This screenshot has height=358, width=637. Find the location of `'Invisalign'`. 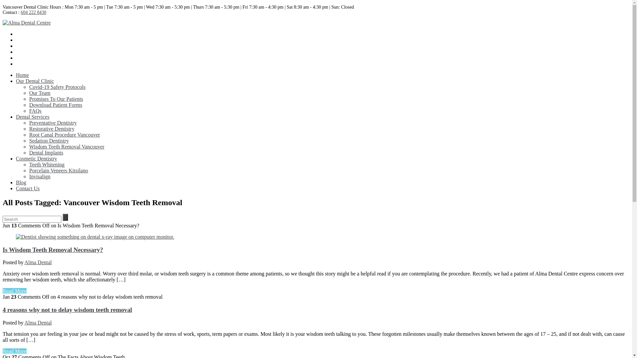

'Invisalign' is located at coordinates (29, 176).